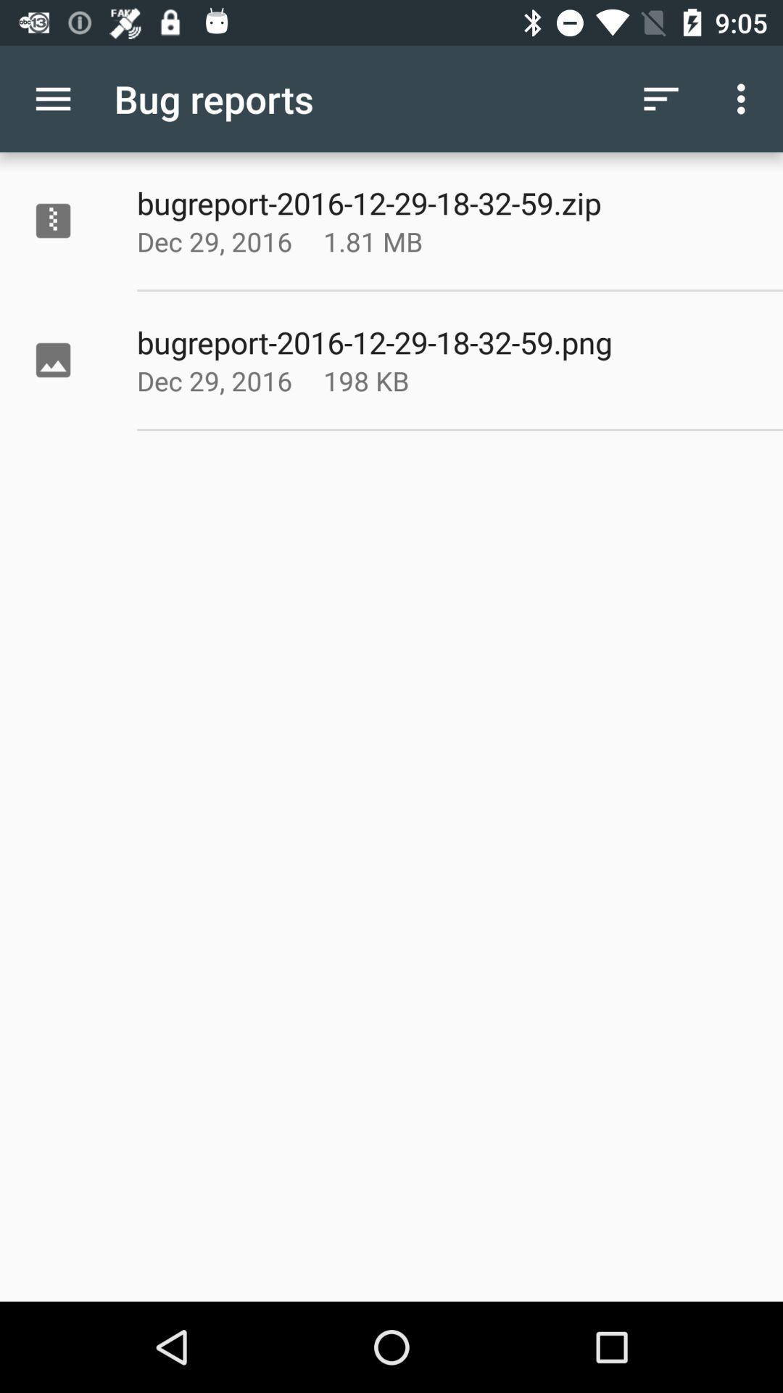 The height and width of the screenshot is (1393, 783). Describe the element at coordinates (52, 98) in the screenshot. I see `the app to the left of the bug reports app` at that location.